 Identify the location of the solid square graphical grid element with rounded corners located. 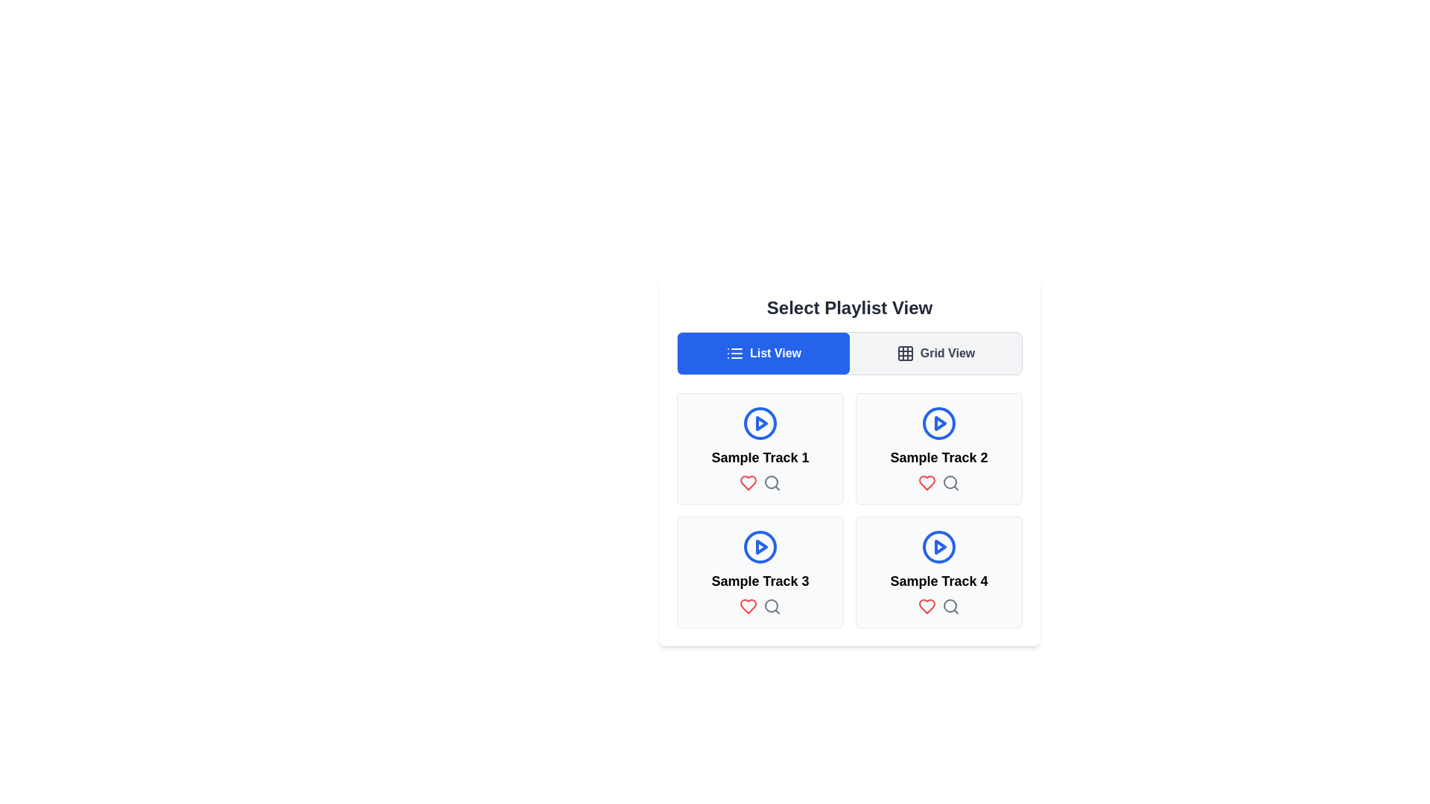
(903, 353).